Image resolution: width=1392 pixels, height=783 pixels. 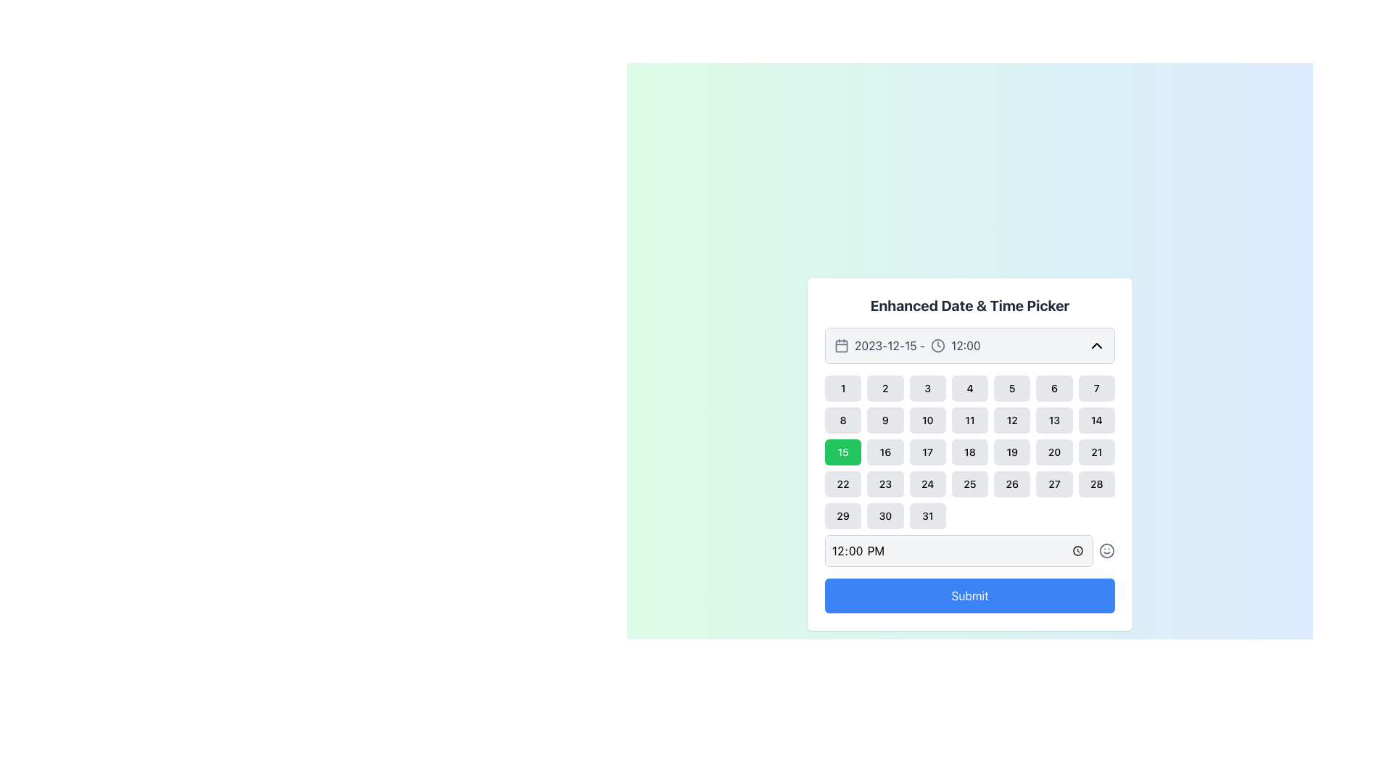 What do you see at coordinates (884, 388) in the screenshot?
I see `the rounded rectangular button displaying the number '2'` at bounding box center [884, 388].